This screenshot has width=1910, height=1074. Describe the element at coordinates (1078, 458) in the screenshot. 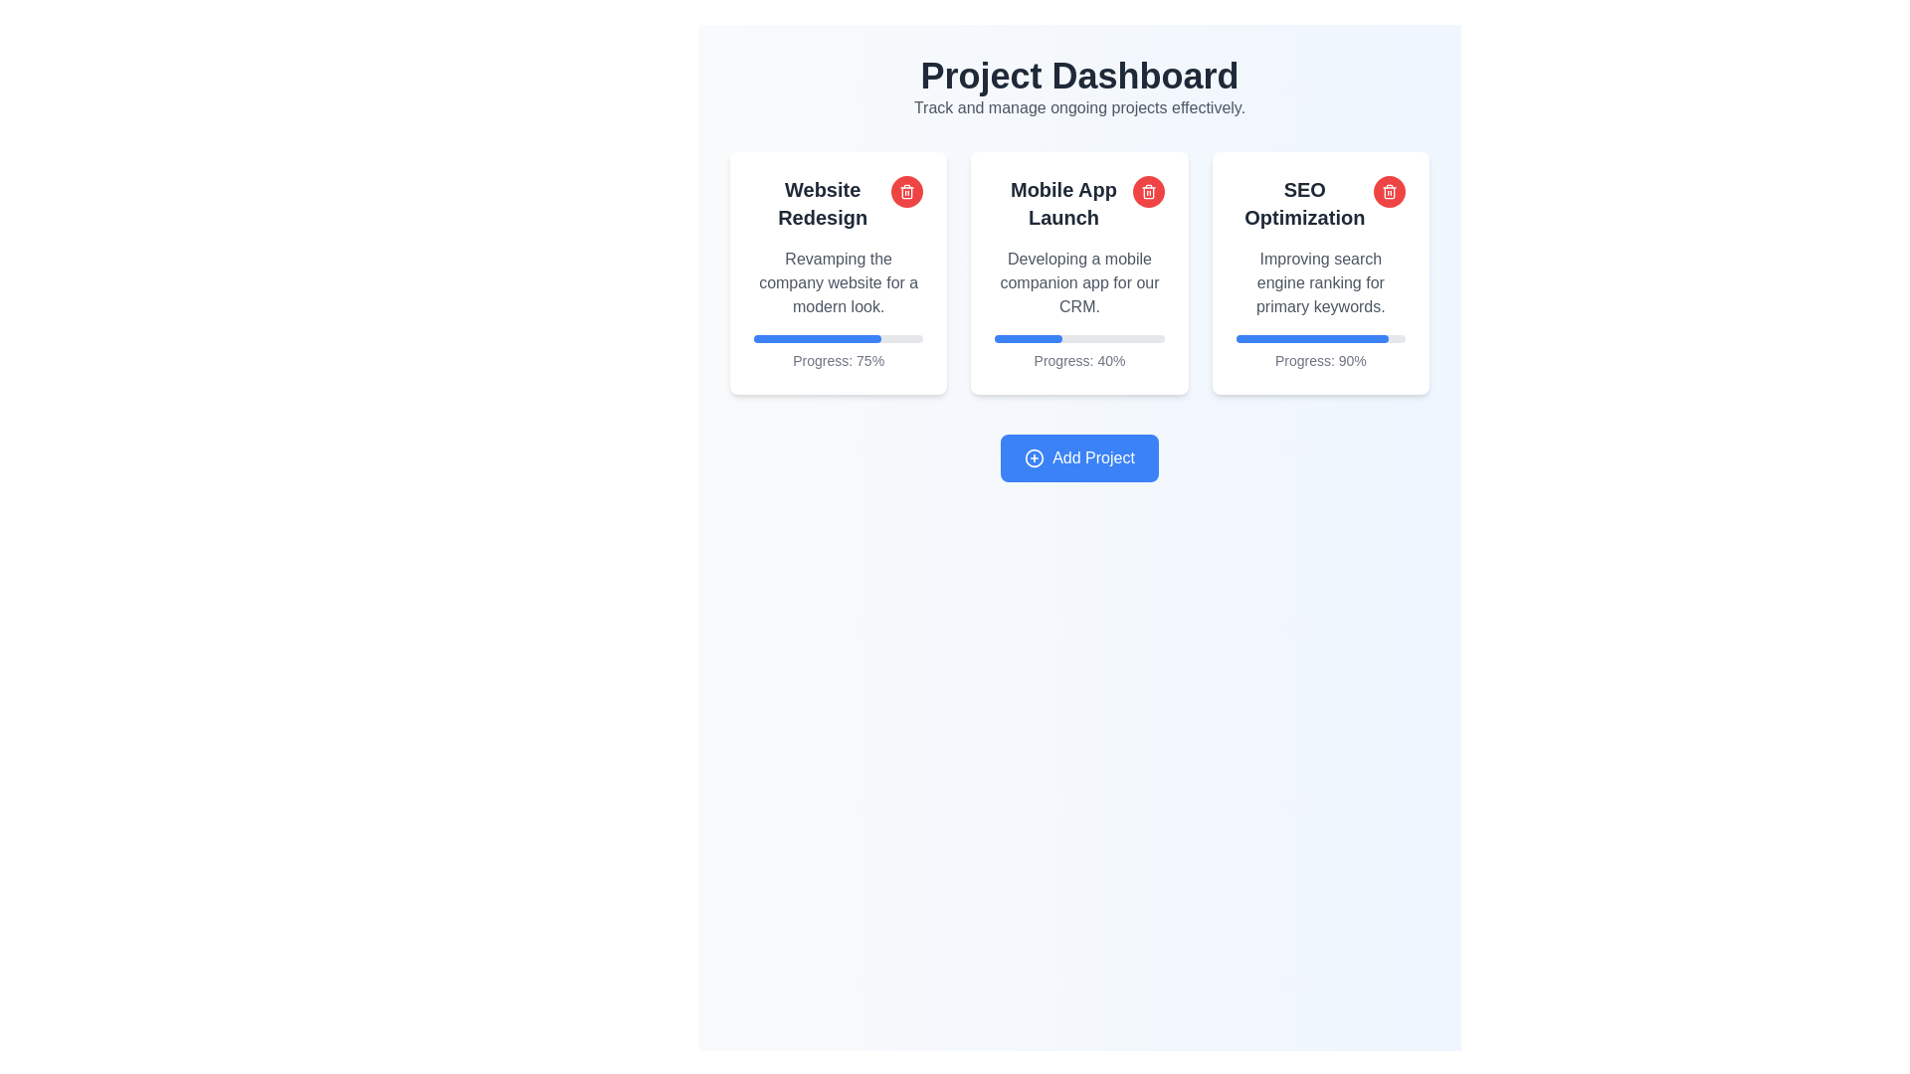

I see `the button located below the project cards` at that location.